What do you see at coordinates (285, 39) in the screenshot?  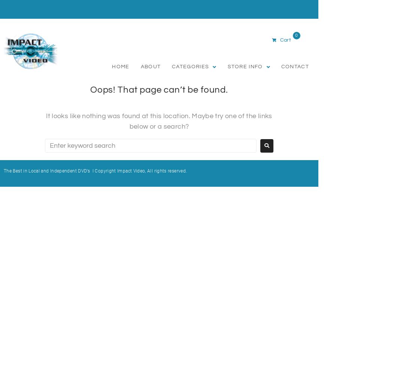 I see `'Cart'` at bounding box center [285, 39].